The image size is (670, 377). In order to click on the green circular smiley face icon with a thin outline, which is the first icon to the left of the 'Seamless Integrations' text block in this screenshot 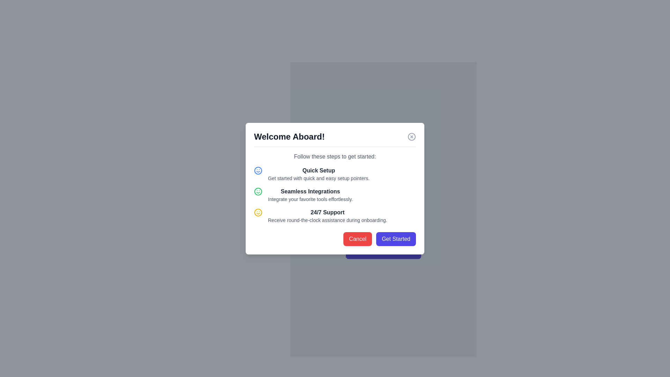, I will do `click(258, 191)`.